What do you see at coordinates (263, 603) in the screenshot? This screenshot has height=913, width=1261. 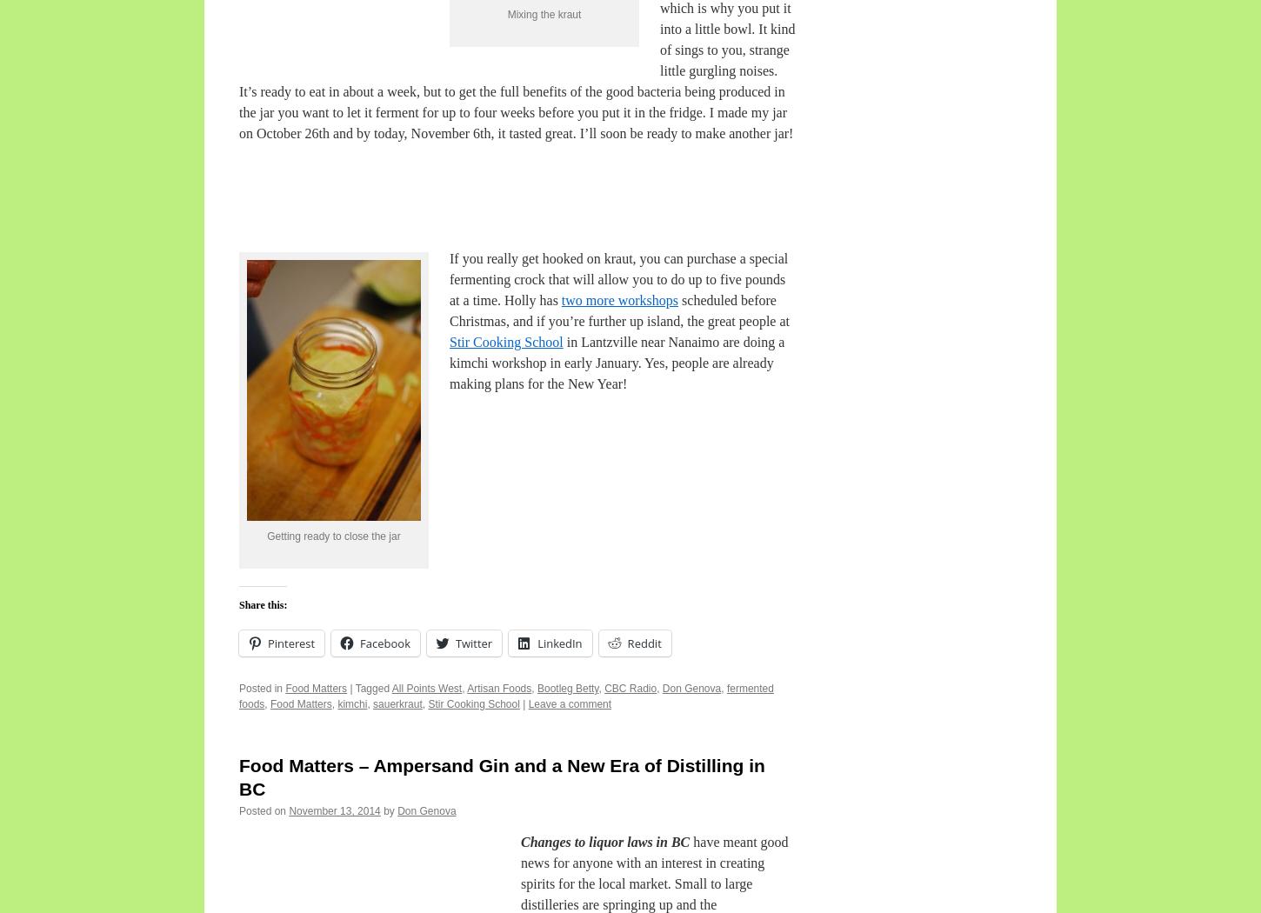 I see `'Share this:'` at bounding box center [263, 603].